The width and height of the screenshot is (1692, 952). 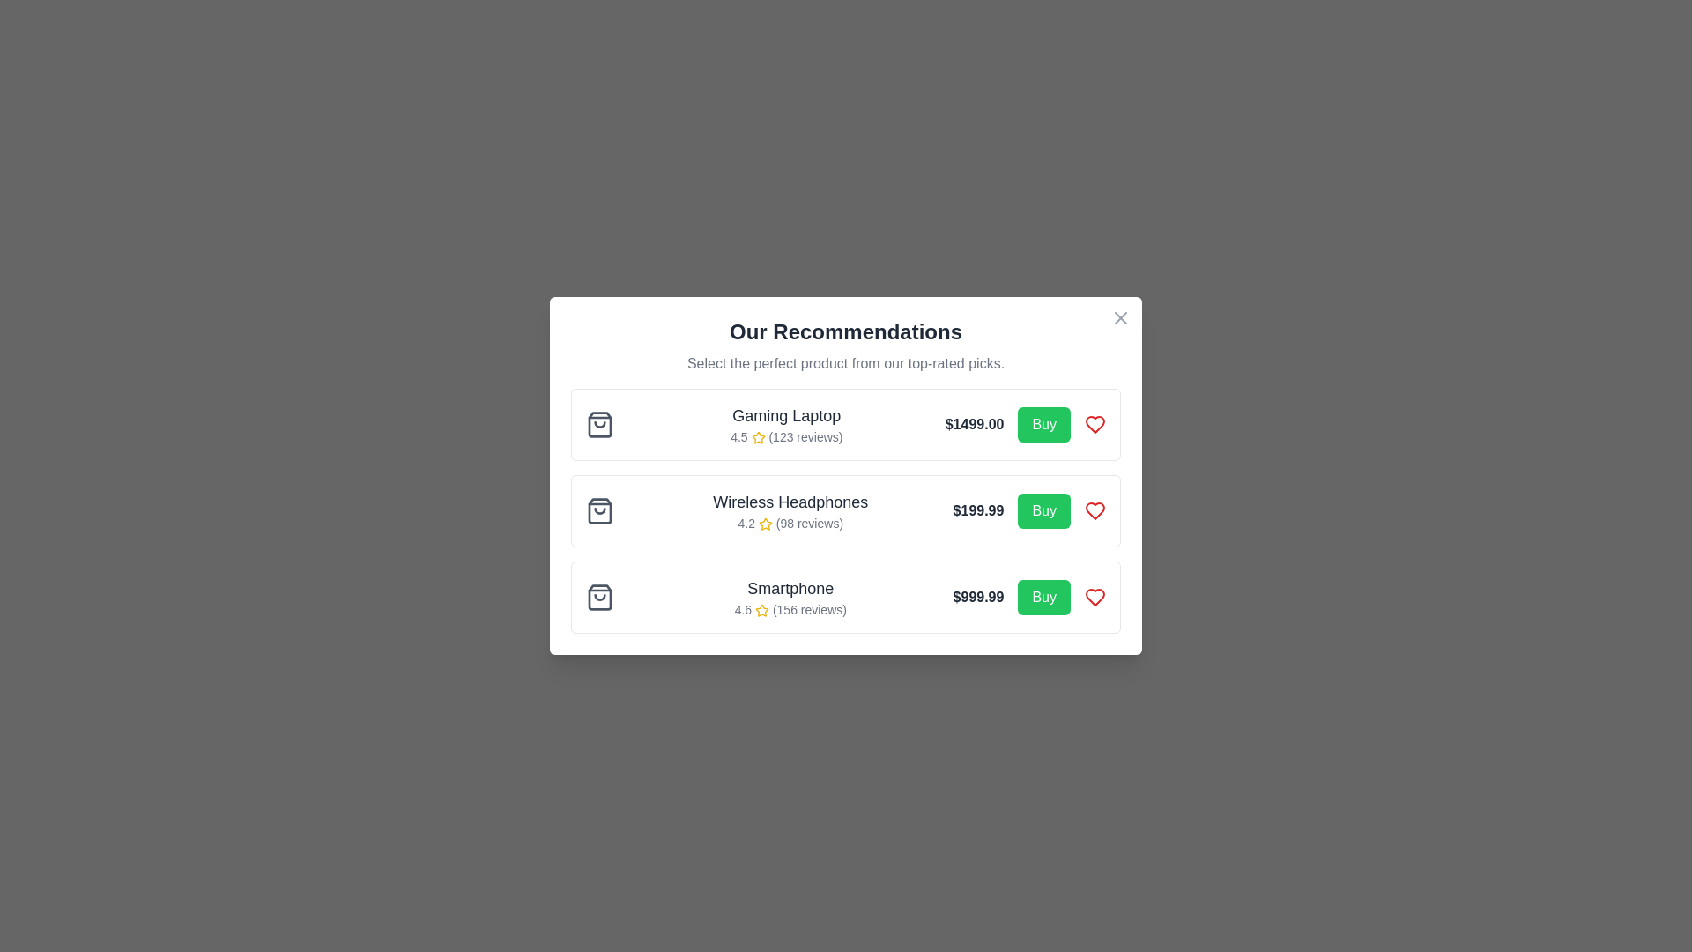 I want to click on the Text Label that provides the rating and review count for the product 'Smartphone', located below the title and aligned to the left within the recommendation card, so click(x=790, y=608).